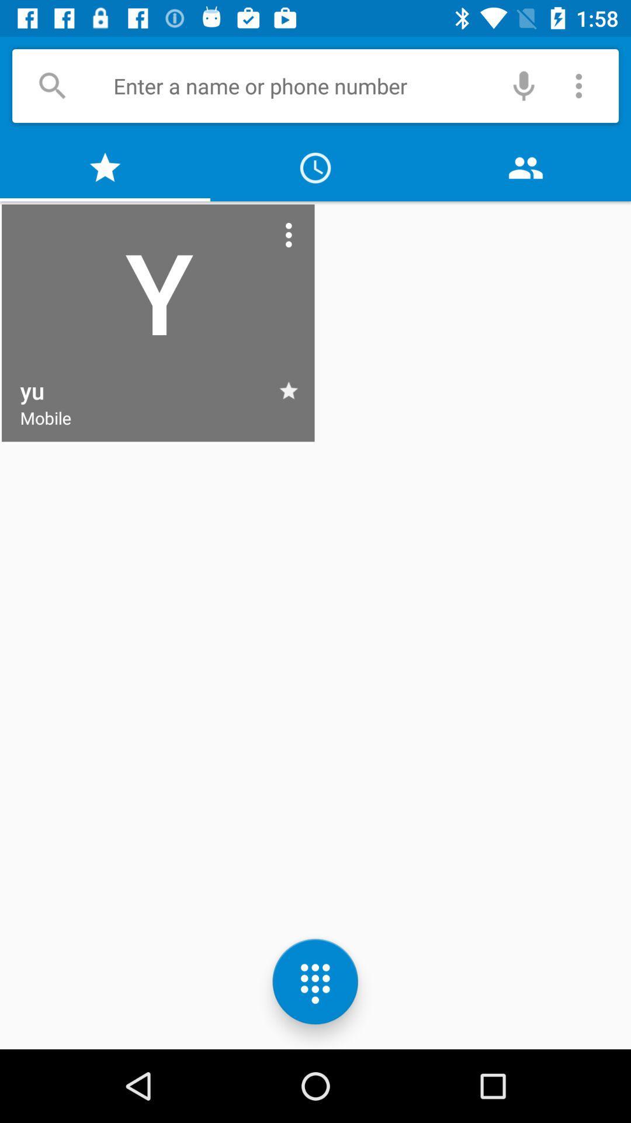 The height and width of the screenshot is (1123, 631). I want to click on the dialpad icon, so click(315, 981).